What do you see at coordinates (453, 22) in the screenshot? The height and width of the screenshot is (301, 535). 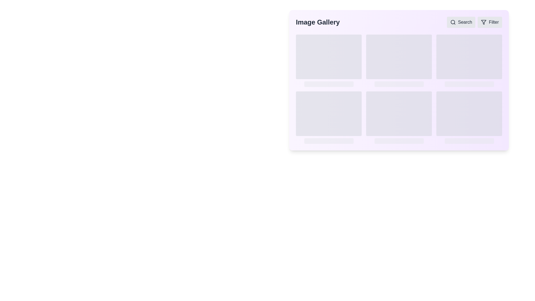 I see `the circular component of the magnifying glass icon located in the upper-right section of the interface, adjacent to the 'Search' button text and to the left of the 'Filter' icon` at bounding box center [453, 22].